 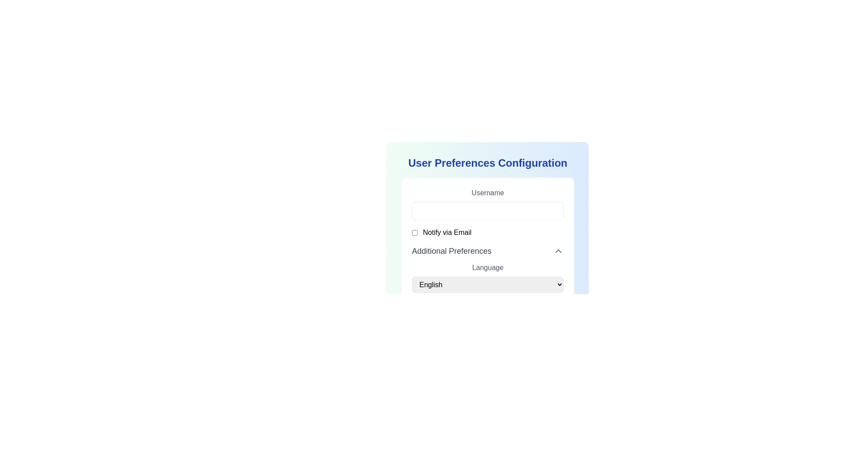 I want to click on the Text label indicating the username input field, located above the text input box in the 'User Preferences Configuration' section, so click(x=487, y=193).